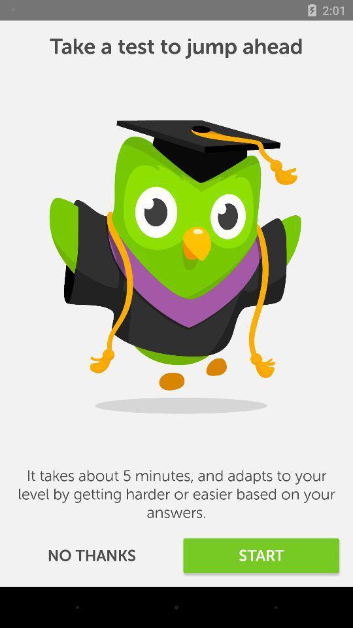  What do you see at coordinates (261, 555) in the screenshot?
I see `the icon at the bottom right corner` at bounding box center [261, 555].